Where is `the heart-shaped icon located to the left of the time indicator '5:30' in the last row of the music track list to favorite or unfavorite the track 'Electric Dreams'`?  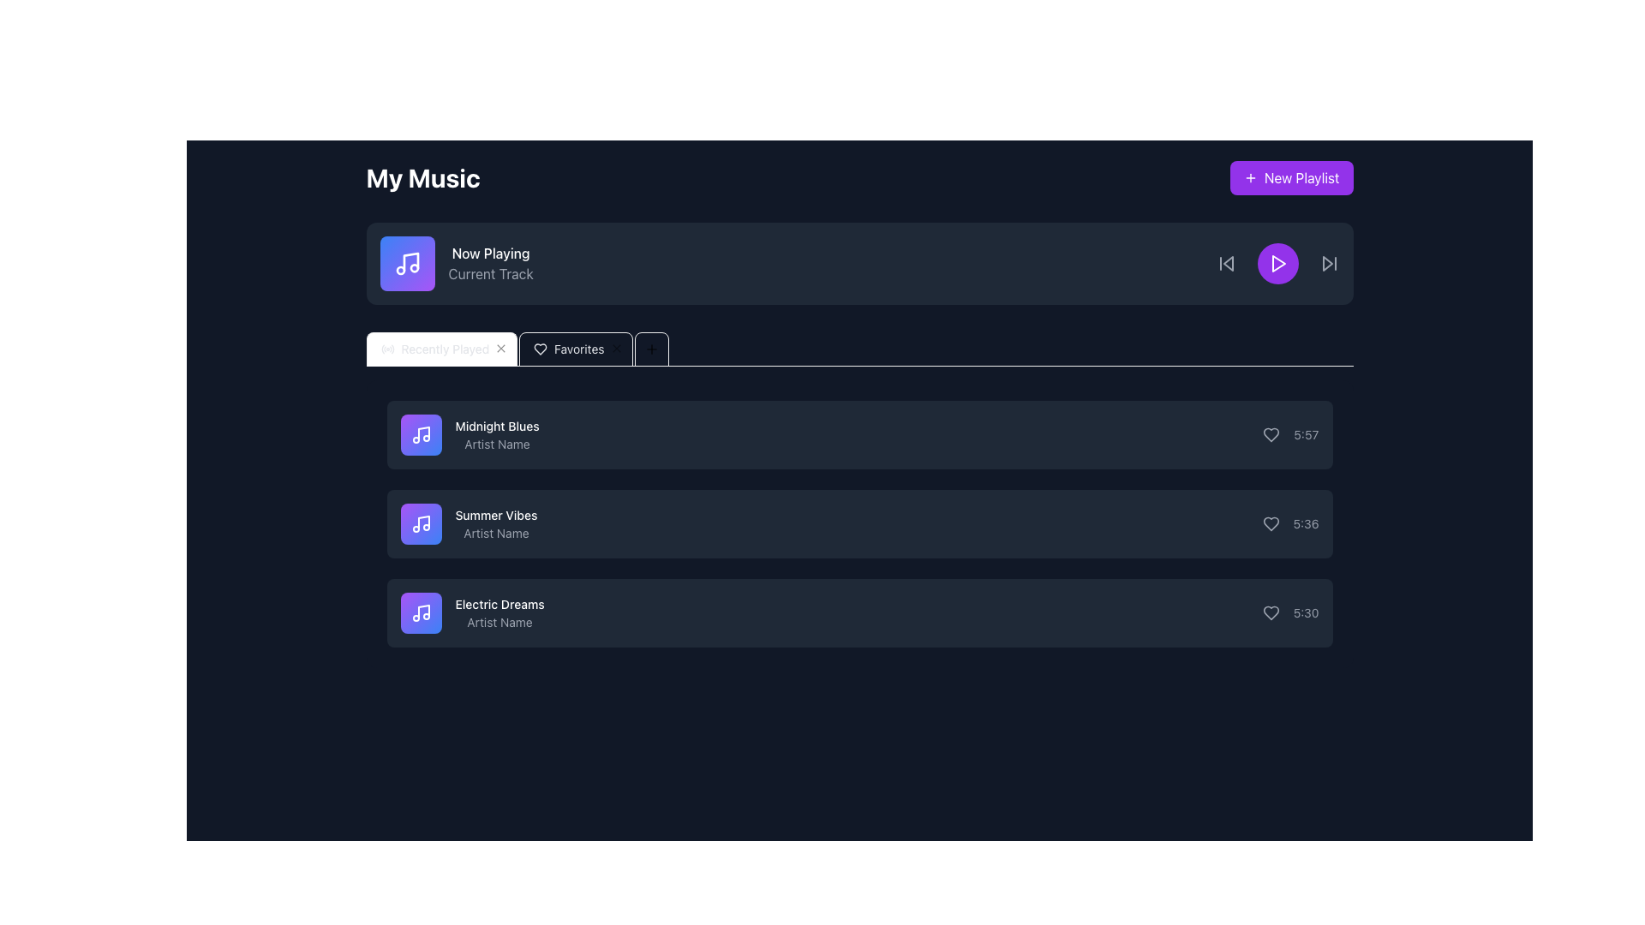
the heart-shaped icon located to the left of the time indicator '5:30' in the last row of the music track list to favorite or unfavorite the track 'Electric Dreams' is located at coordinates (1271, 612).